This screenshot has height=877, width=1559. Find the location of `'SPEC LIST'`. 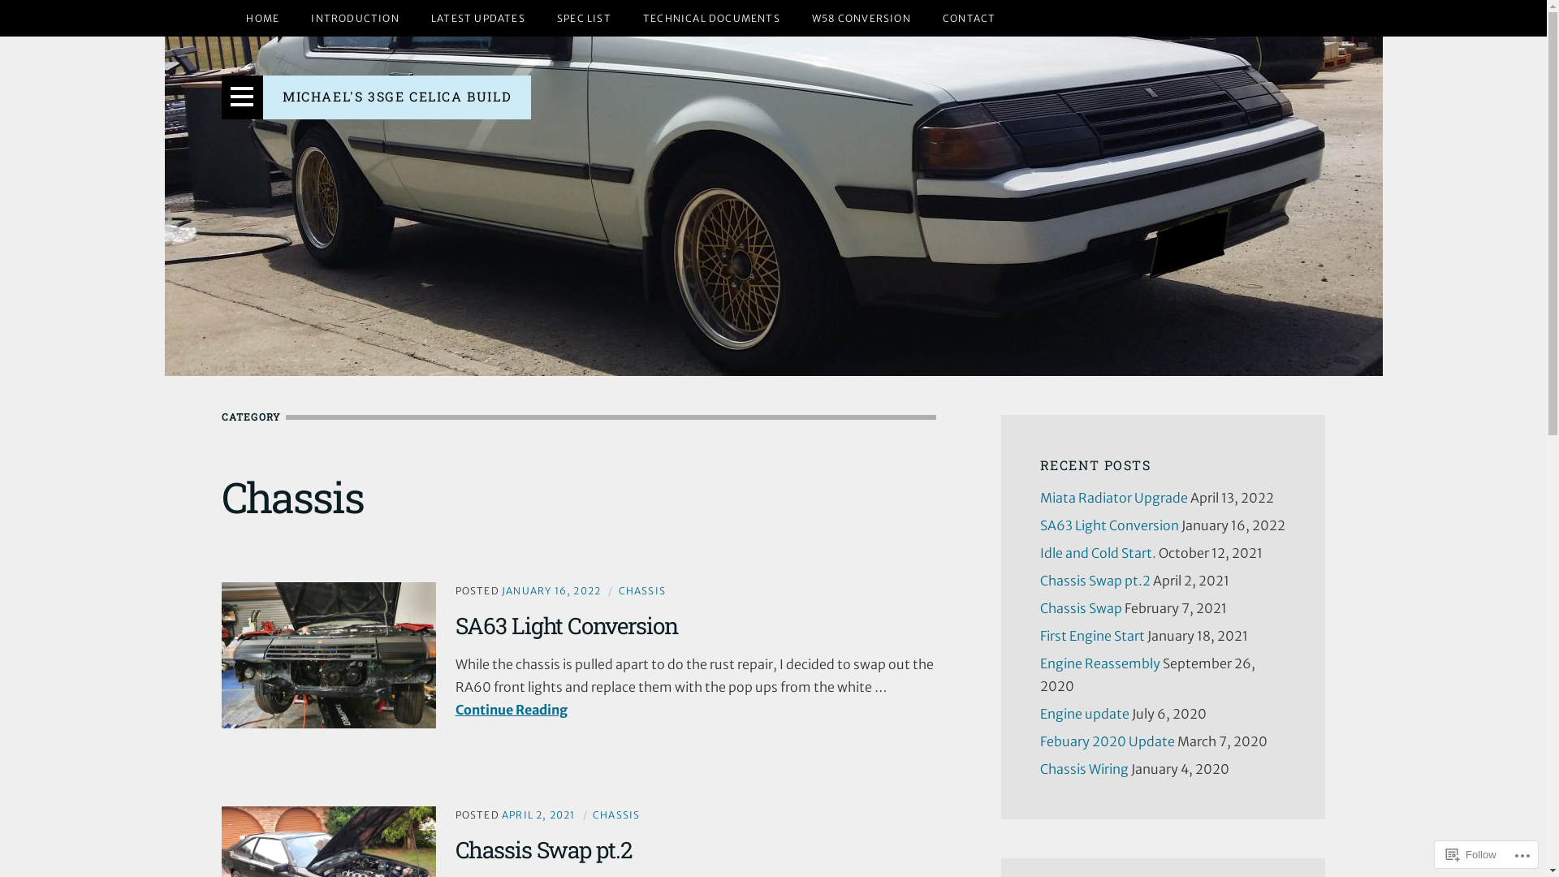

'SPEC LIST' is located at coordinates (584, 18).